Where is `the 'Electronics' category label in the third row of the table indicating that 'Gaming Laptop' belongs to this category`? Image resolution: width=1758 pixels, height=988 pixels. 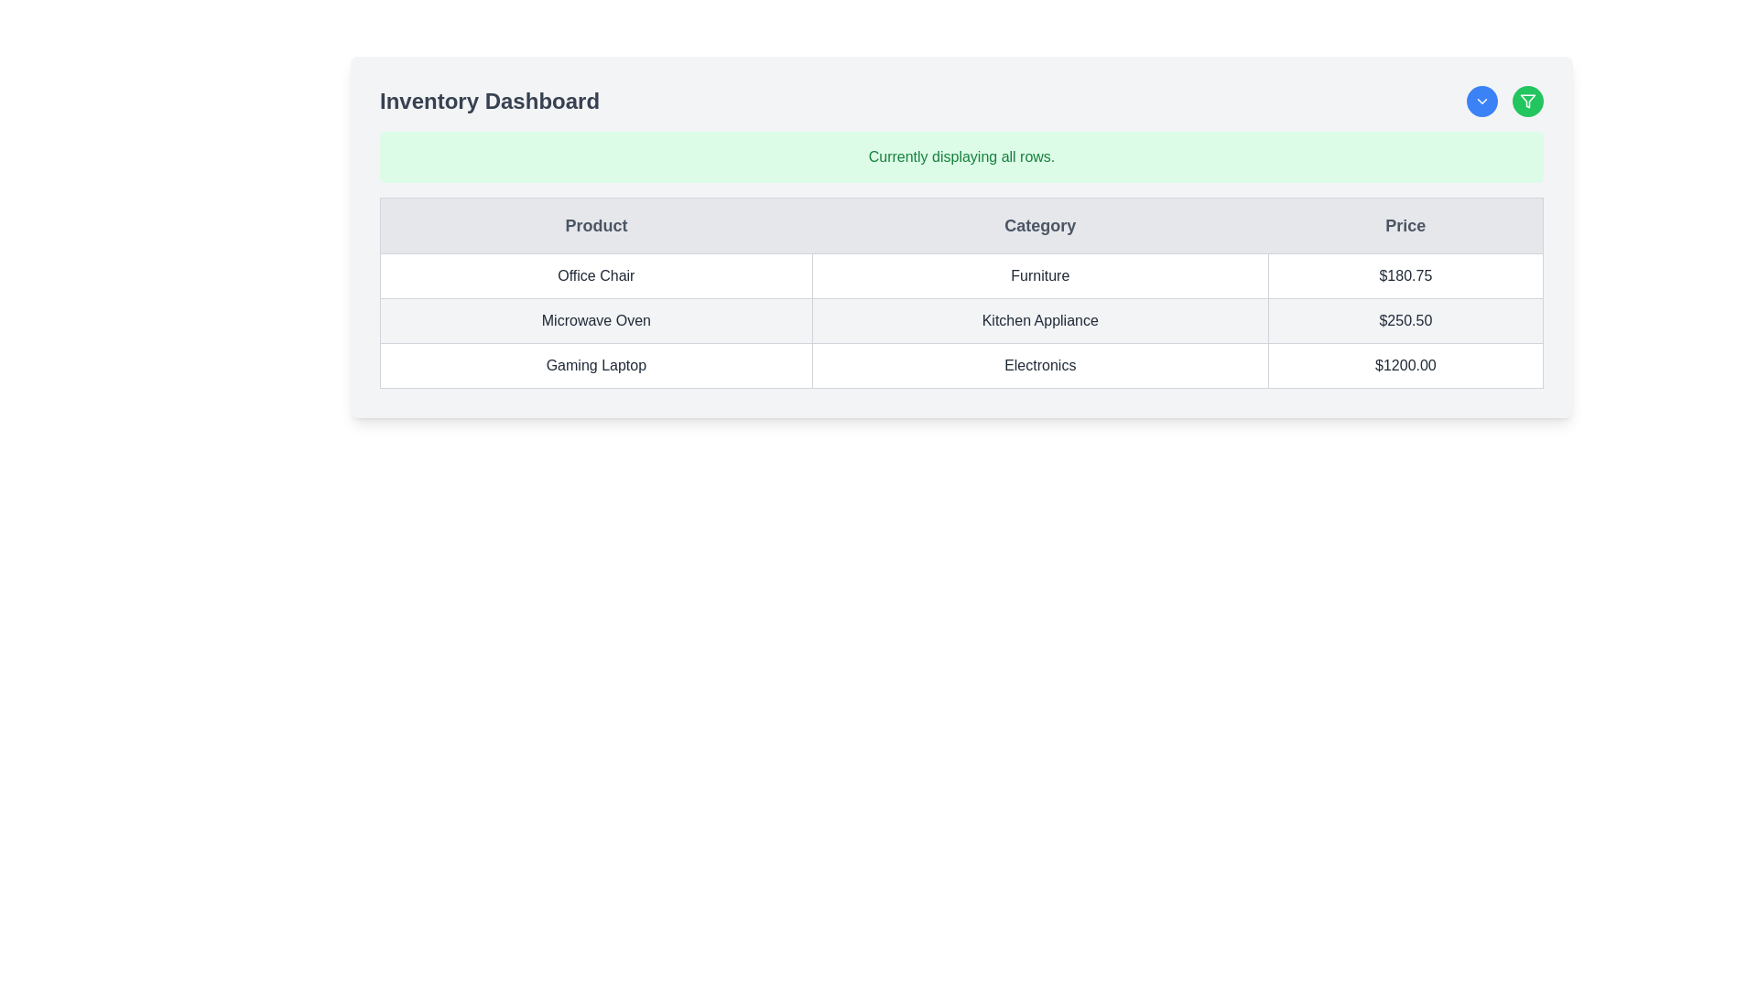 the 'Electronics' category label in the third row of the table indicating that 'Gaming Laptop' belongs to this category is located at coordinates (1040, 366).